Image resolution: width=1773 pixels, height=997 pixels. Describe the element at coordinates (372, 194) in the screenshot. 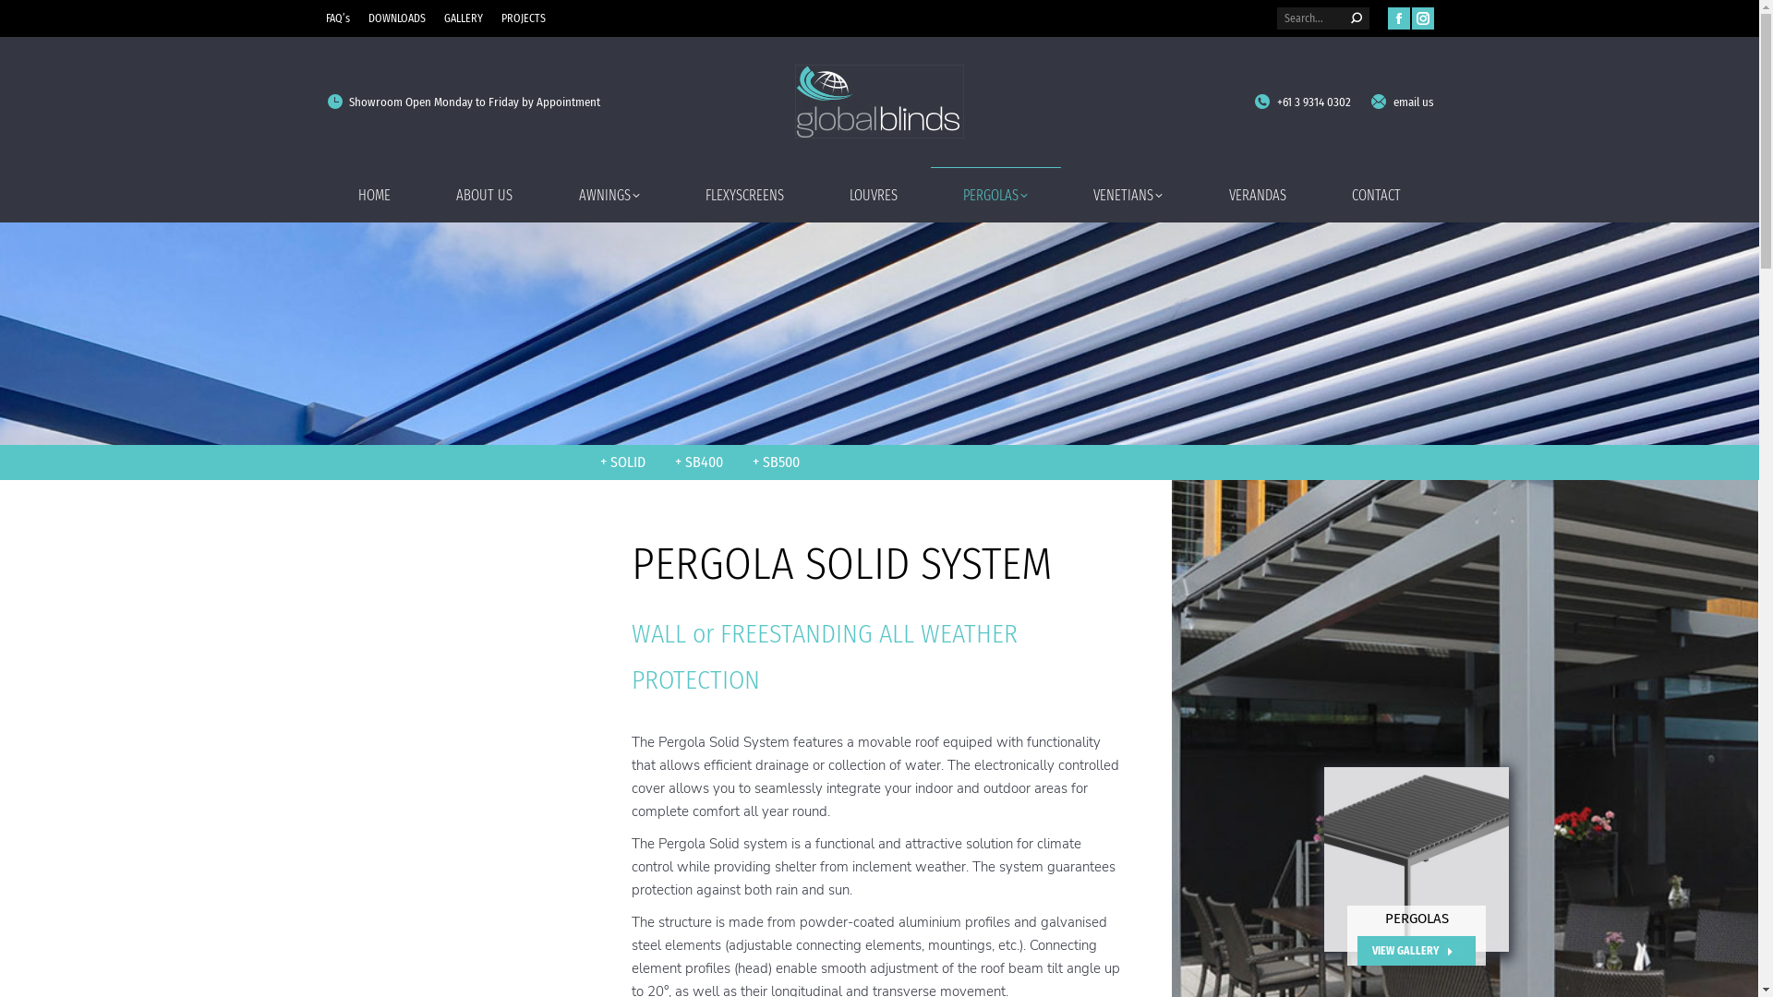

I see `'HOME'` at that location.